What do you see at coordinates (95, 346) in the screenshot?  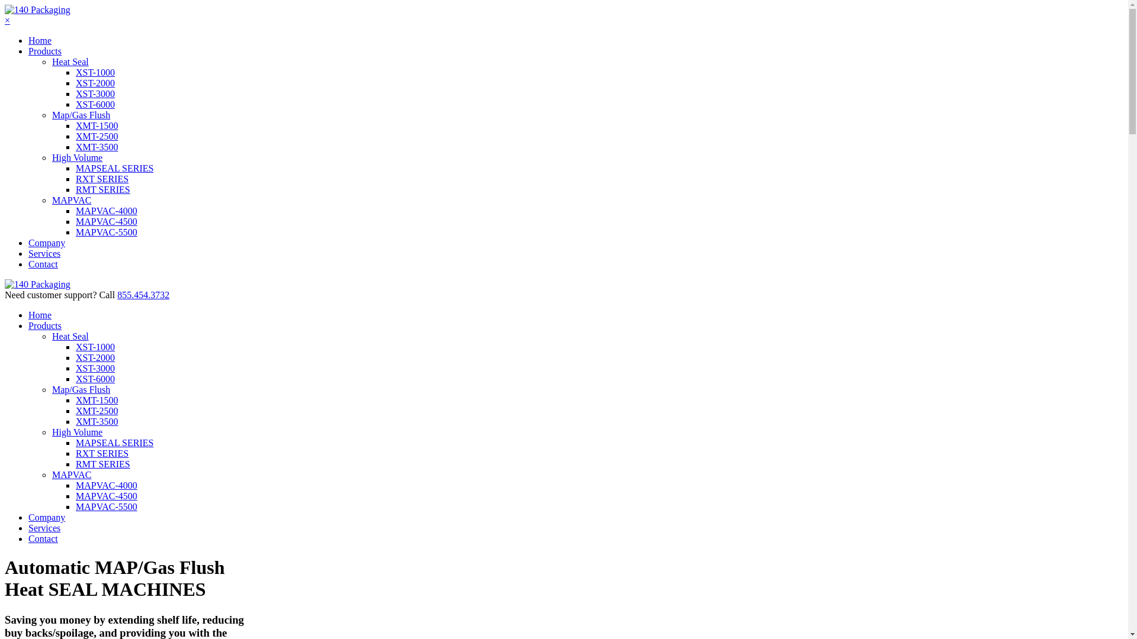 I see `'XST-1000'` at bounding box center [95, 346].